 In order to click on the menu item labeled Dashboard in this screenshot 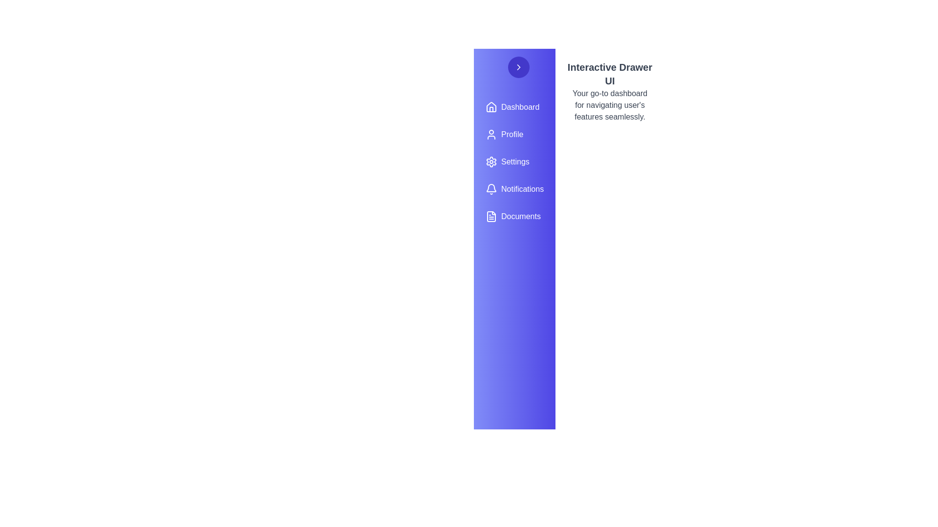, I will do `click(514, 107)`.